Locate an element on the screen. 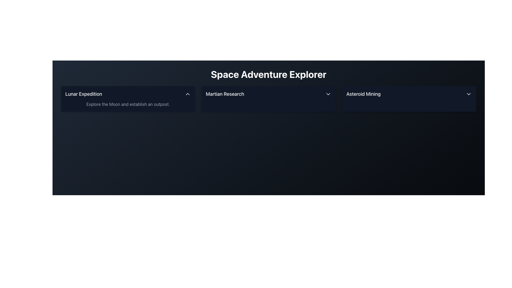 The width and height of the screenshot is (512, 288). the down arrow icon of the Dropdown indicator located in the 'Martian Research' section is located at coordinates (328, 94).